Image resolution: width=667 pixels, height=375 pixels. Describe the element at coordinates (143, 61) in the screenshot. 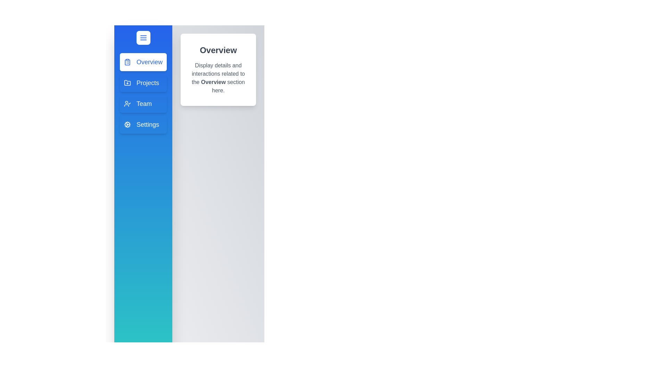

I see `the drawer item corresponding to Overview to preview its interaction effect` at that location.